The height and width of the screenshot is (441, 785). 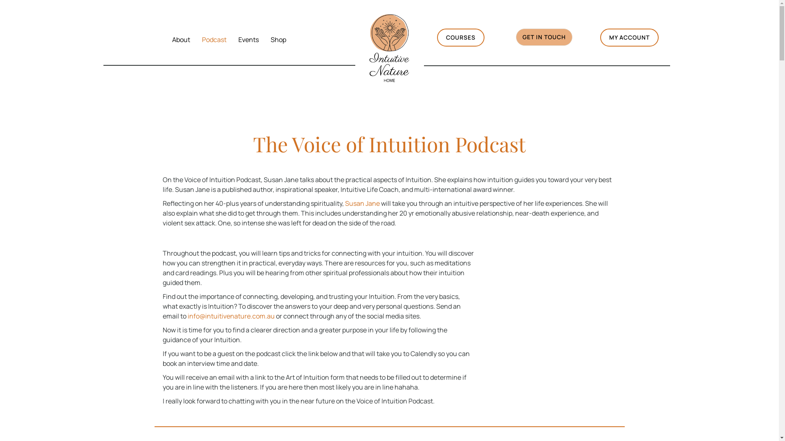 What do you see at coordinates (166, 39) in the screenshot?
I see `'About'` at bounding box center [166, 39].